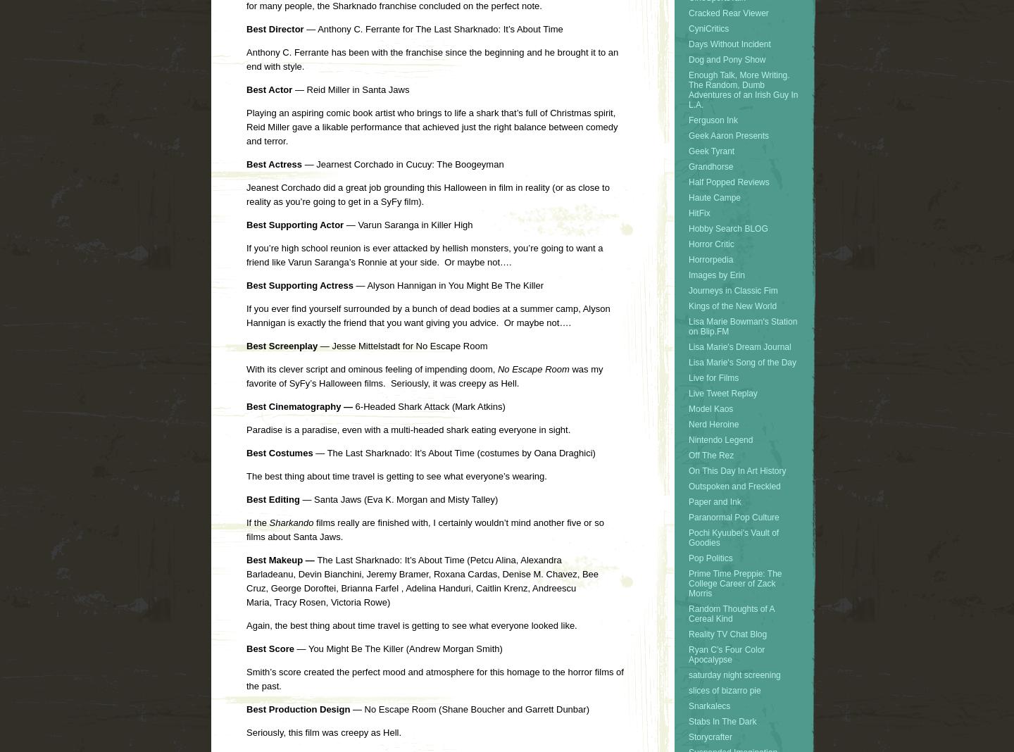  Describe the element at coordinates (303, 27) in the screenshot. I see `'— Anthony C. Ferrante for The Last Sharknado: It’s About Time'` at that location.